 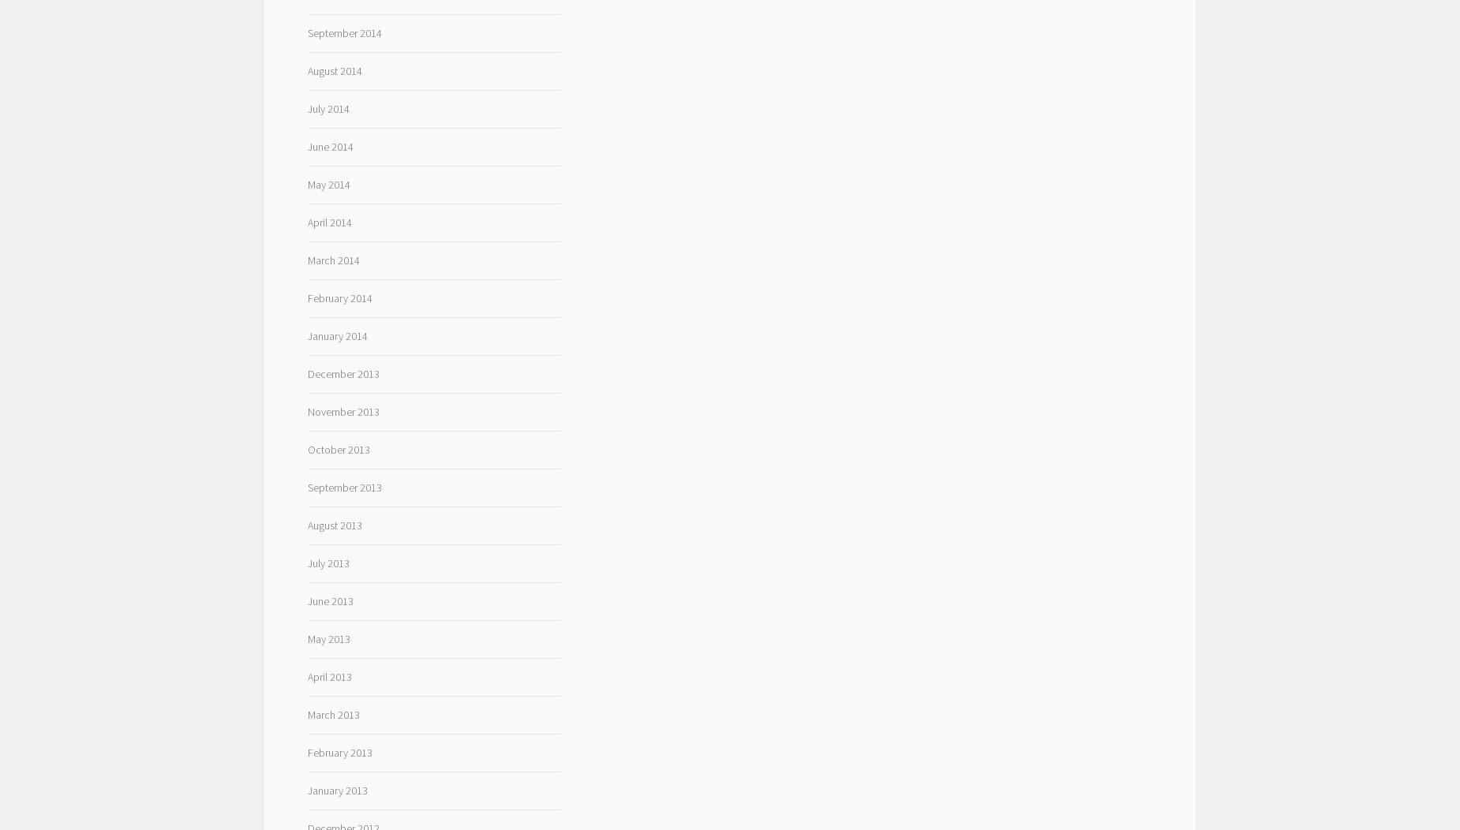 I want to click on 'March 2013', so click(x=331, y=714).